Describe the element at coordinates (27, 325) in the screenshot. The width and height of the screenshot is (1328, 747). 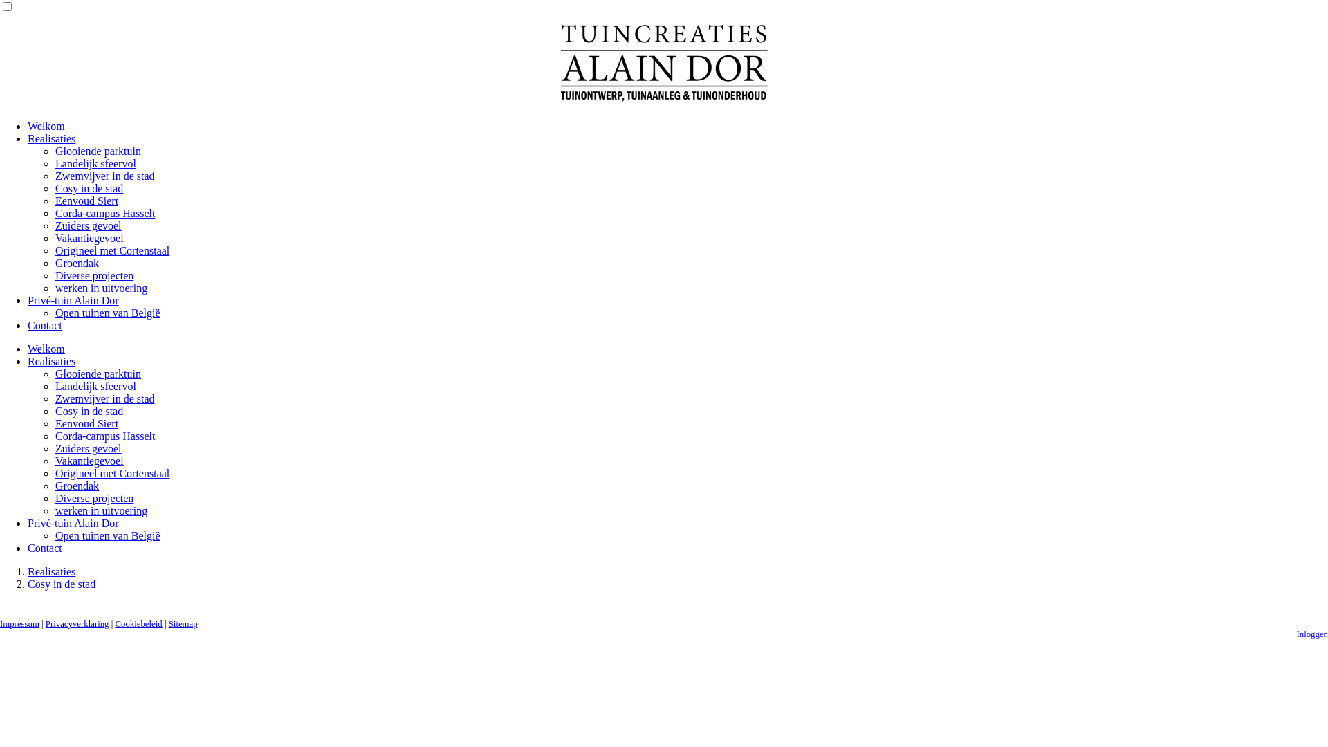
I see `'Contact'` at that location.